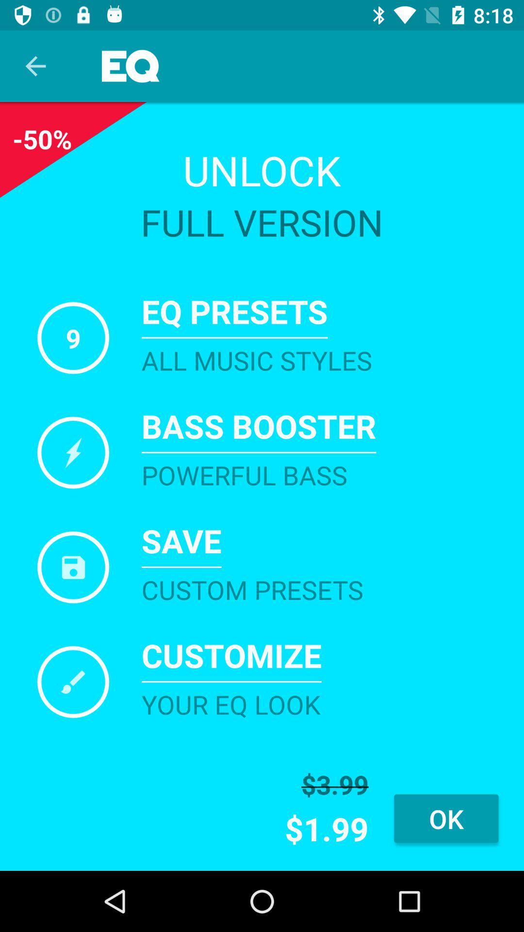  What do you see at coordinates (35, 66) in the screenshot?
I see `icon above -50% item` at bounding box center [35, 66].